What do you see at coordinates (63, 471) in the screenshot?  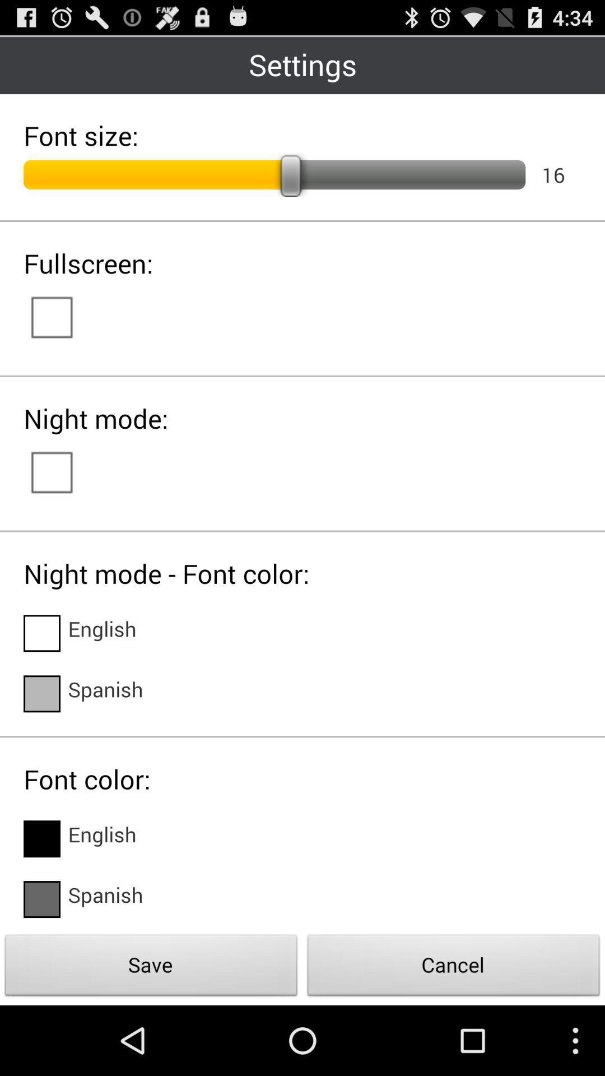 I see `selection button` at bounding box center [63, 471].